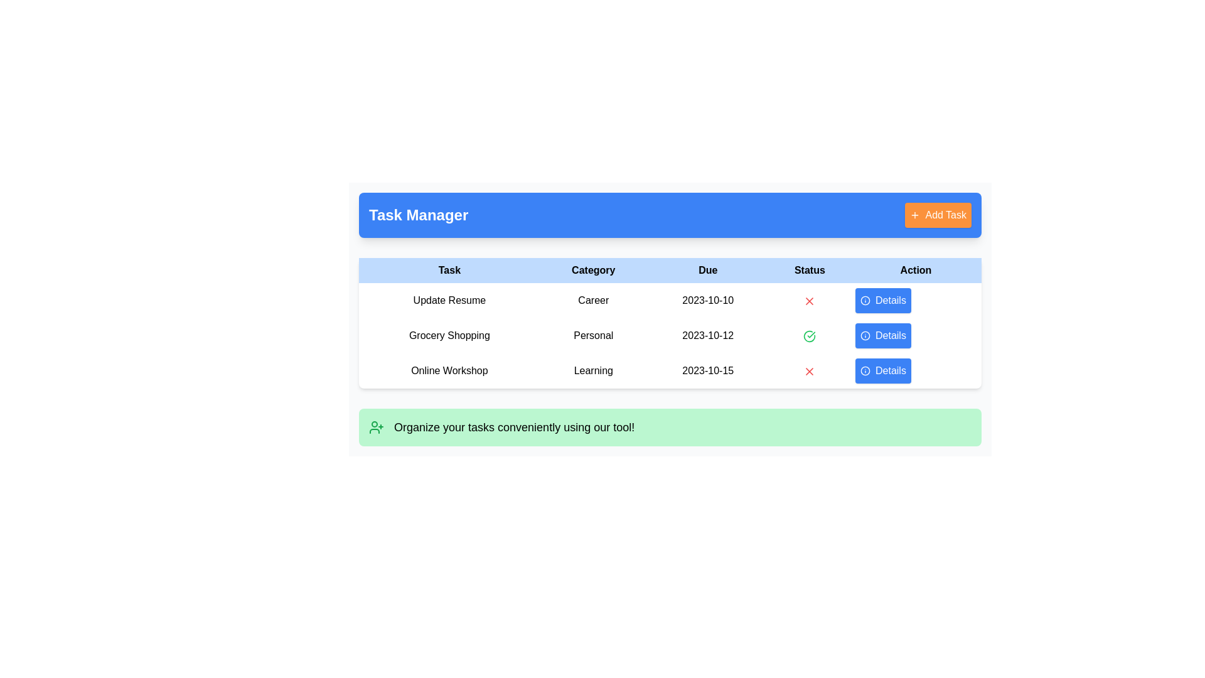  Describe the element at coordinates (810, 335) in the screenshot. I see `design of the completion icon in the 'Status' column of the second row, associated with the task labeled 'Grocery Shopping'` at that location.